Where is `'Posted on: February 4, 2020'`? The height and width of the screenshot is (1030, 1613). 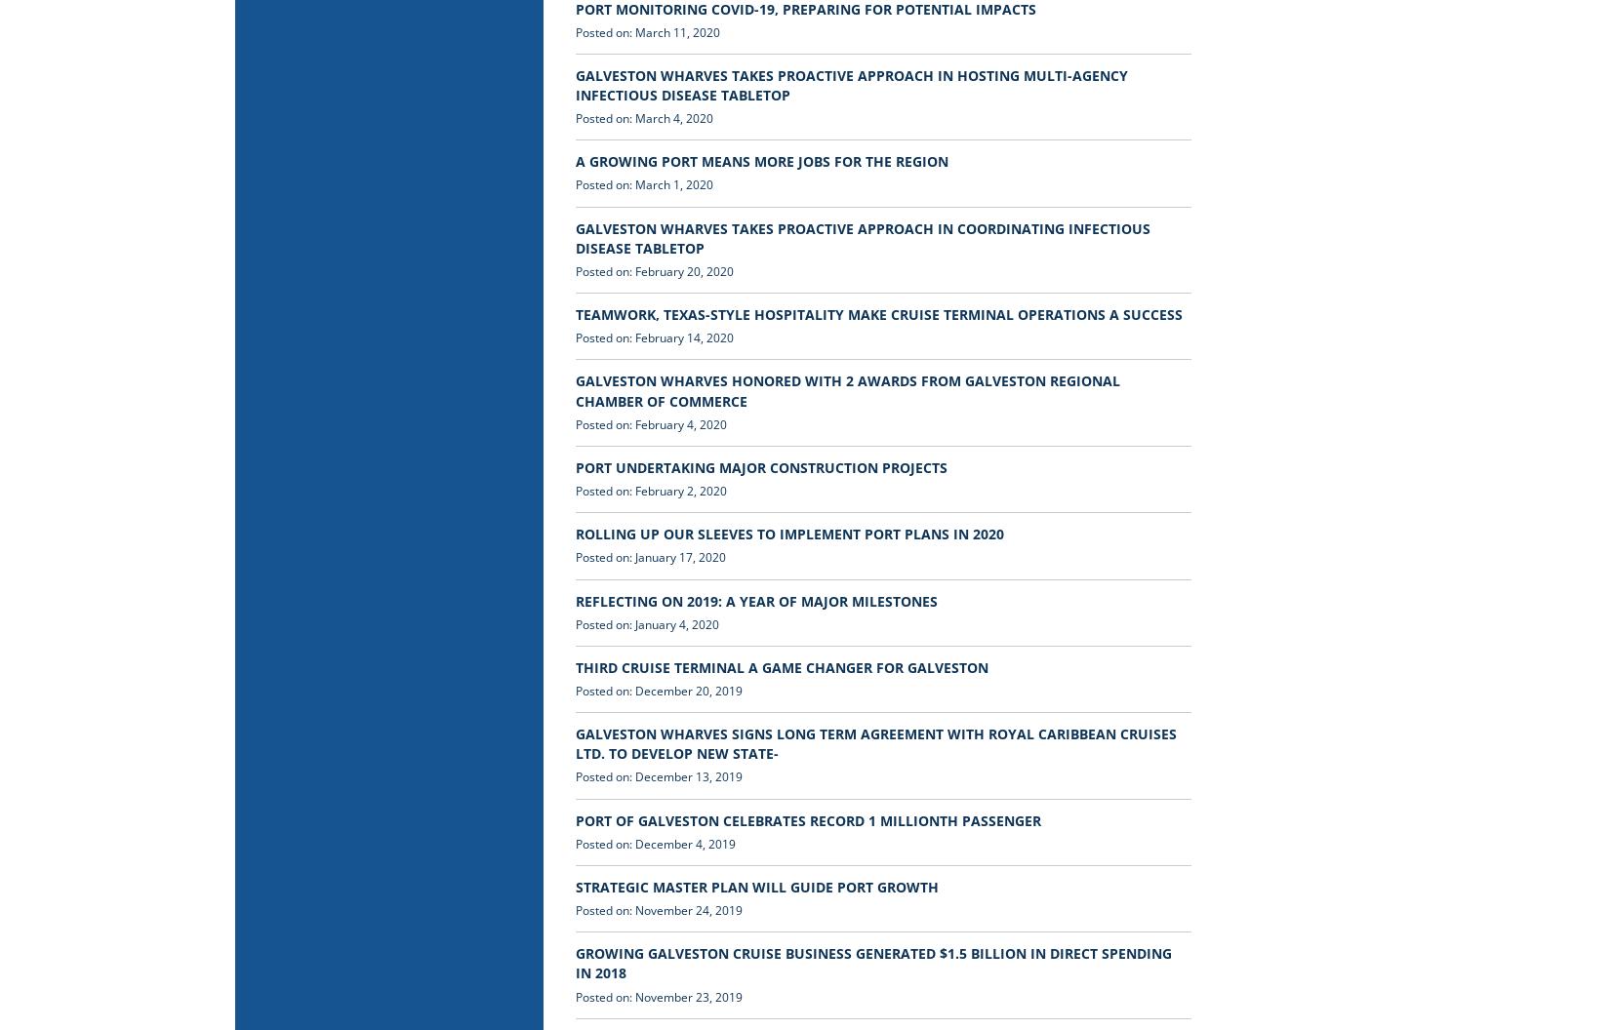
'Posted on: February 4, 2020' is located at coordinates (650, 423).